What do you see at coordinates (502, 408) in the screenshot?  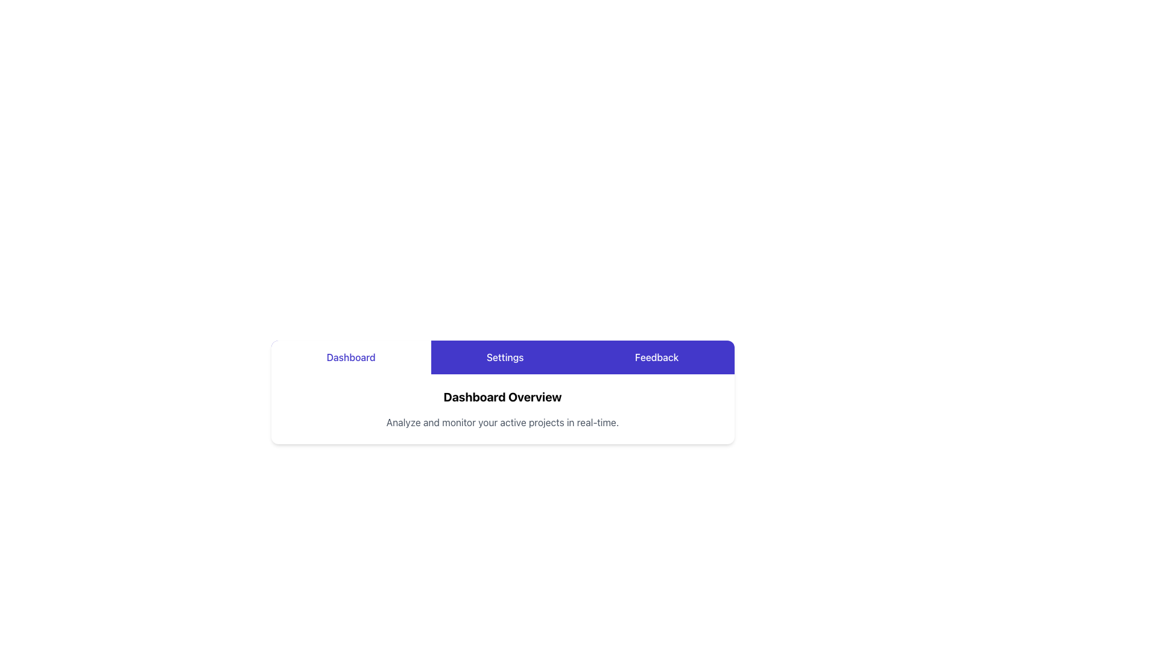 I see `title and subtitle from the Textual Information Block located at the center of the white card below the navigation bar` at bounding box center [502, 408].